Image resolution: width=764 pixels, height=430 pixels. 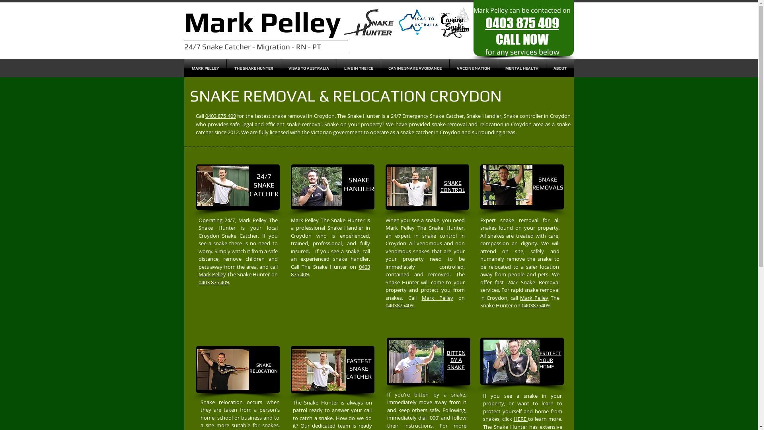 What do you see at coordinates (520, 418) in the screenshot?
I see `'HERE'` at bounding box center [520, 418].